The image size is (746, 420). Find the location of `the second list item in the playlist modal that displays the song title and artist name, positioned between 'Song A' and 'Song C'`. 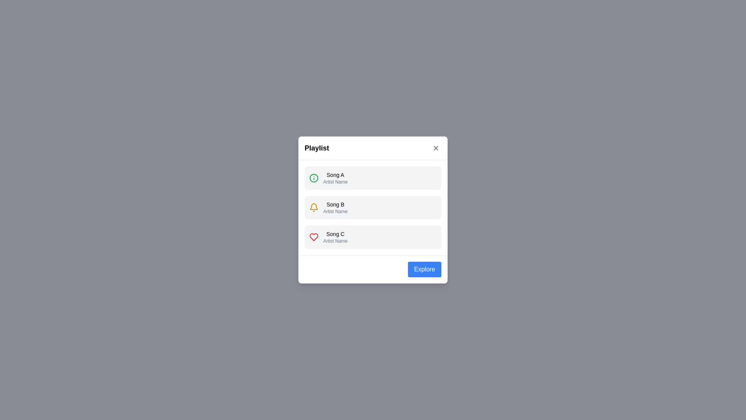

the second list item in the playlist modal that displays the song title and artist name, positioned between 'Song A' and 'Song C' is located at coordinates (335, 207).